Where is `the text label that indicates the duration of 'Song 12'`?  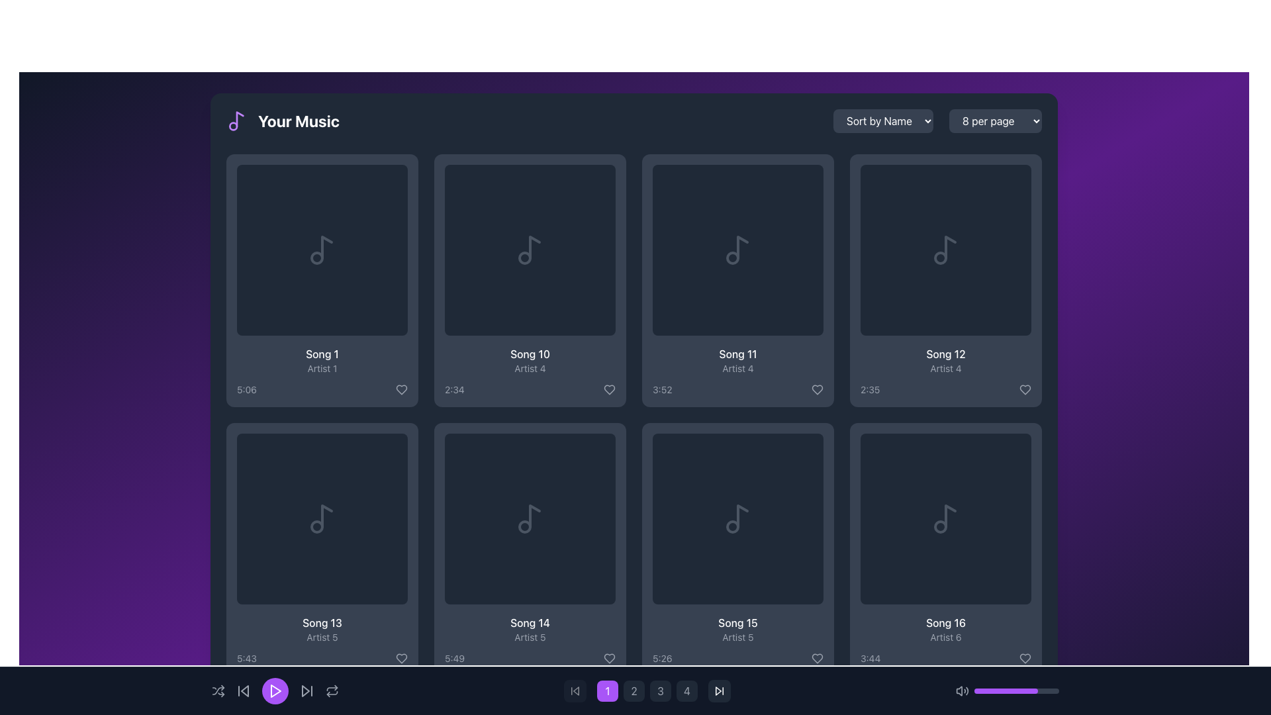
the text label that indicates the duration of 'Song 12' is located at coordinates (870, 389).